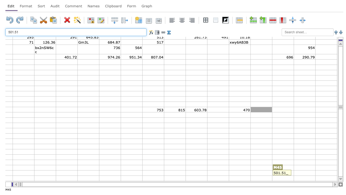  I want to click on Place cursor on right border of O57, so click(315, 173).